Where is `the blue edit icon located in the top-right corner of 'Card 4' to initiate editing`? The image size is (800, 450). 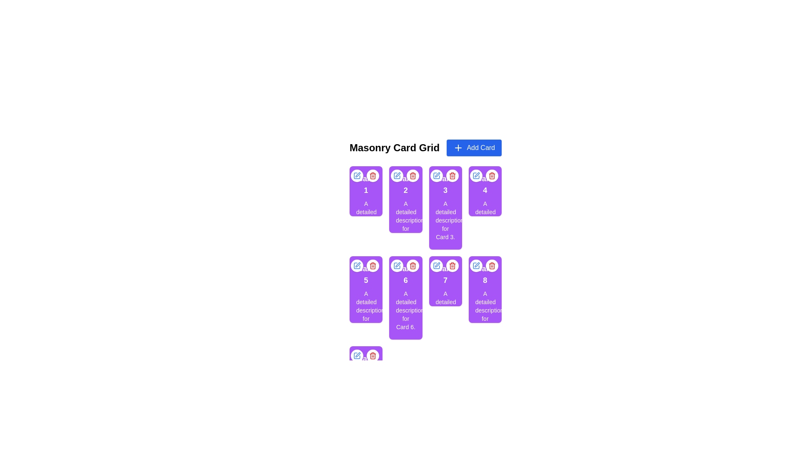
the blue edit icon located in the top-right corner of 'Card 4' to initiate editing is located at coordinates (484, 175).